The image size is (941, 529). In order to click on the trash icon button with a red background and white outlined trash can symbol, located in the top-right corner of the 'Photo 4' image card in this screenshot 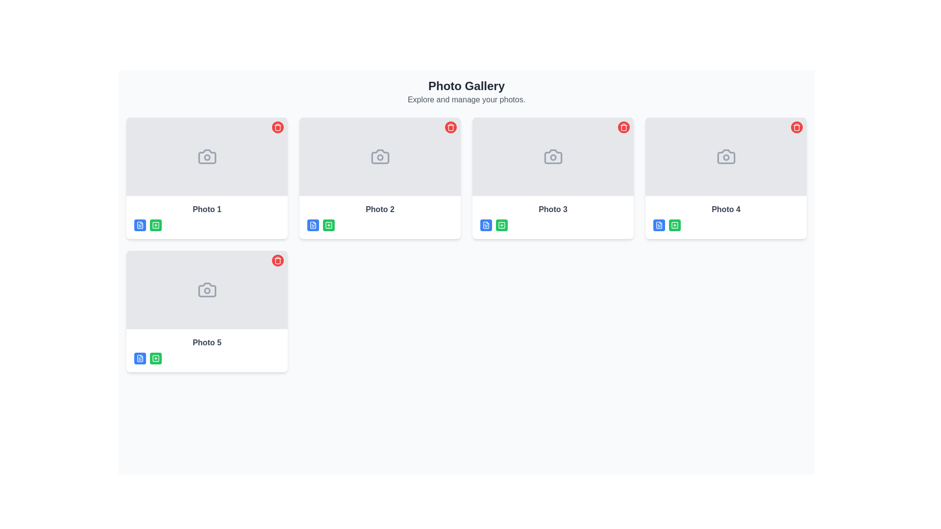, I will do `click(797, 126)`.